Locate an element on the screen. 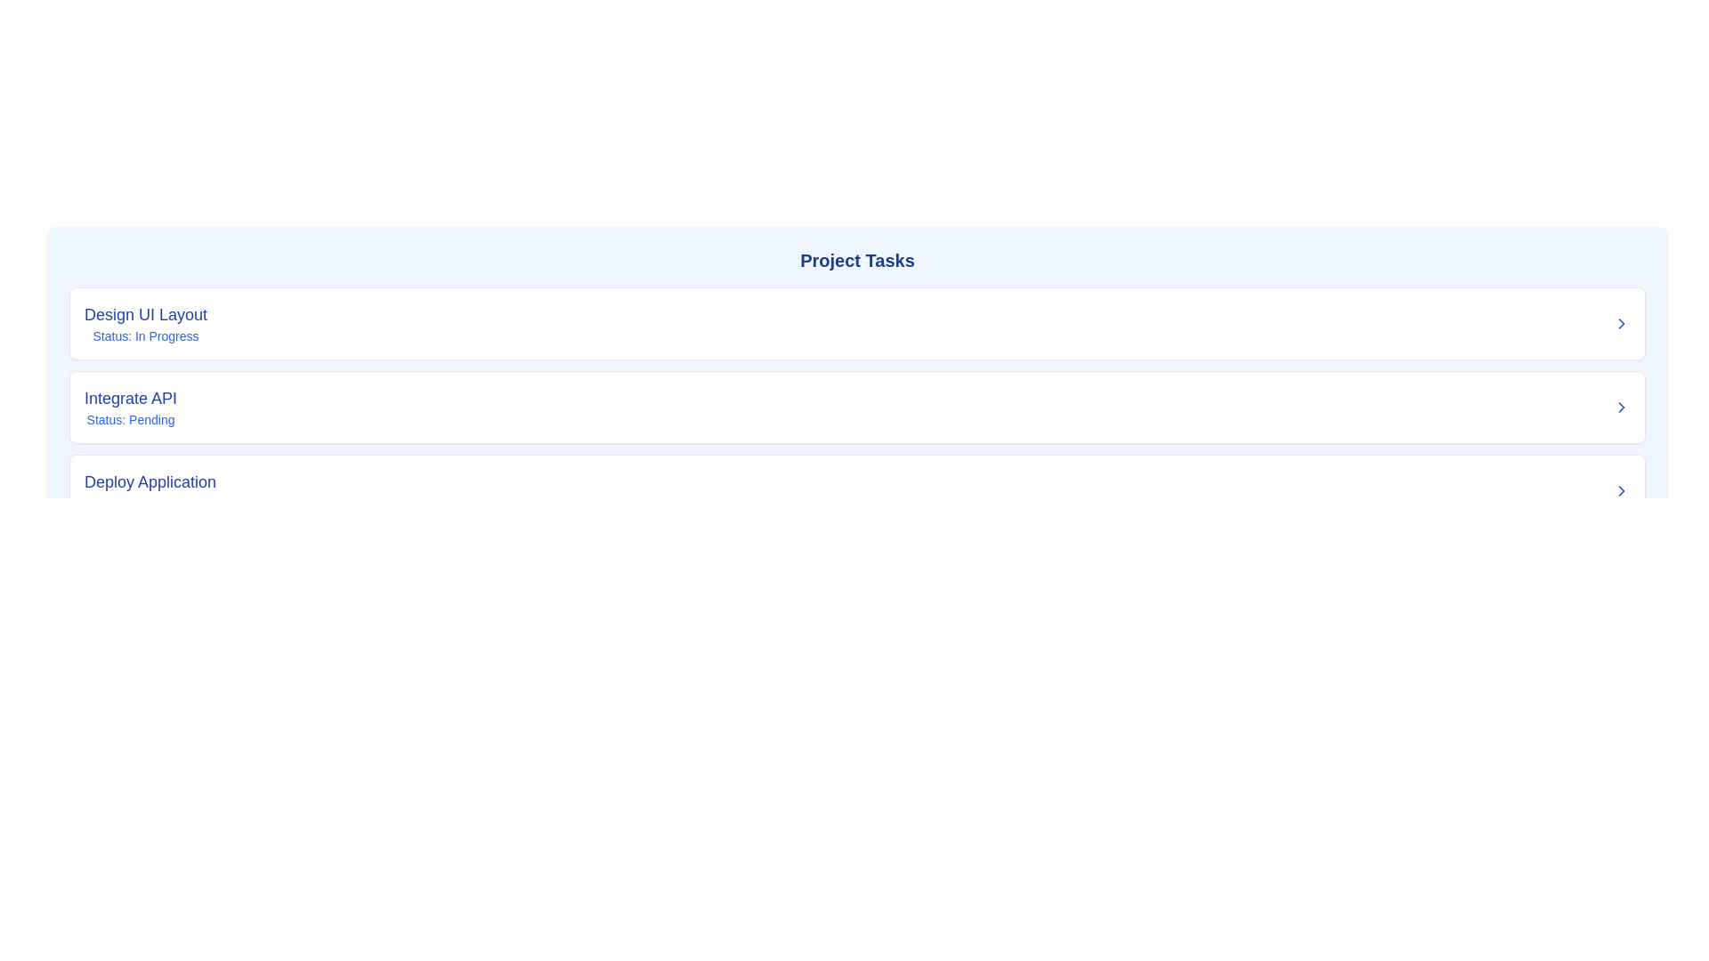  the Chevron Right icon located at the far right of the 'Integrate API' section next to 'Status: Pending' is located at coordinates (1622, 408).